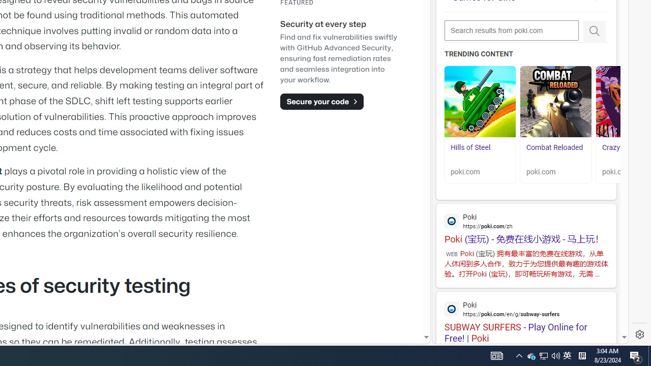  What do you see at coordinates (480, 124) in the screenshot?
I see `'Hills of Steel Hills of Steel poki.com'` at bounding box center [480, 124].